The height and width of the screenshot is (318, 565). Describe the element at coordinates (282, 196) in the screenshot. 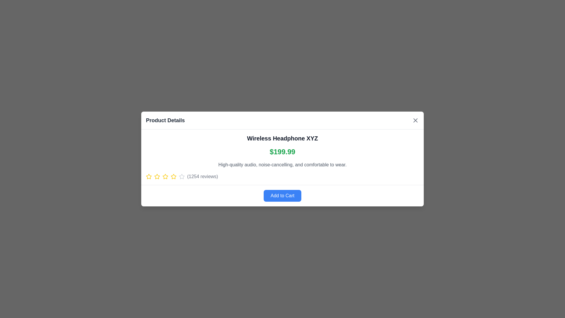

I see `the 'Add to Cart' button` at that location.